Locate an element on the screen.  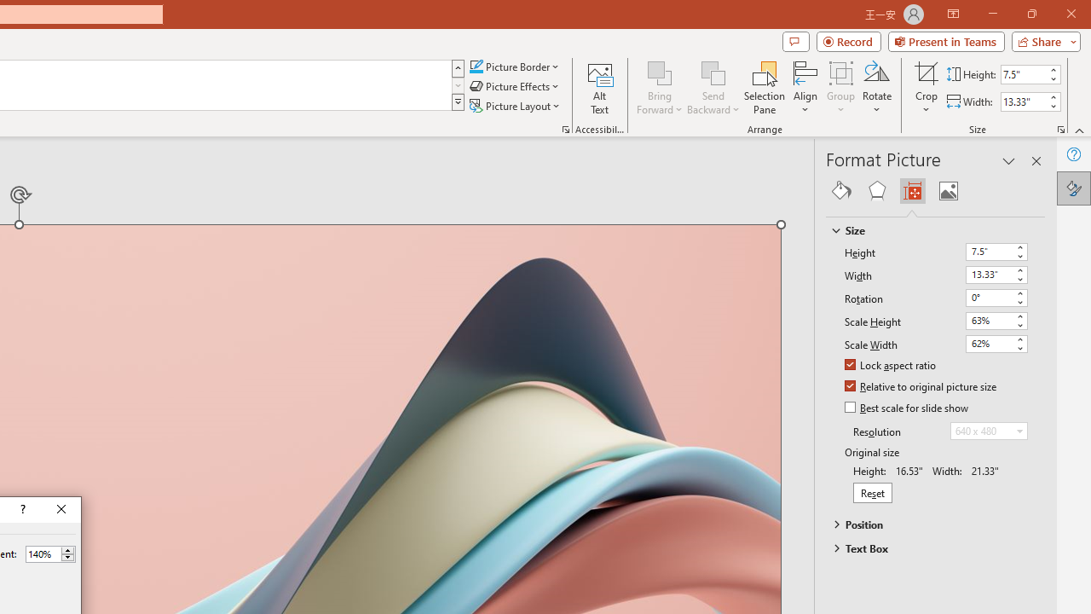
'Align' is located at coordinates (805, 88).